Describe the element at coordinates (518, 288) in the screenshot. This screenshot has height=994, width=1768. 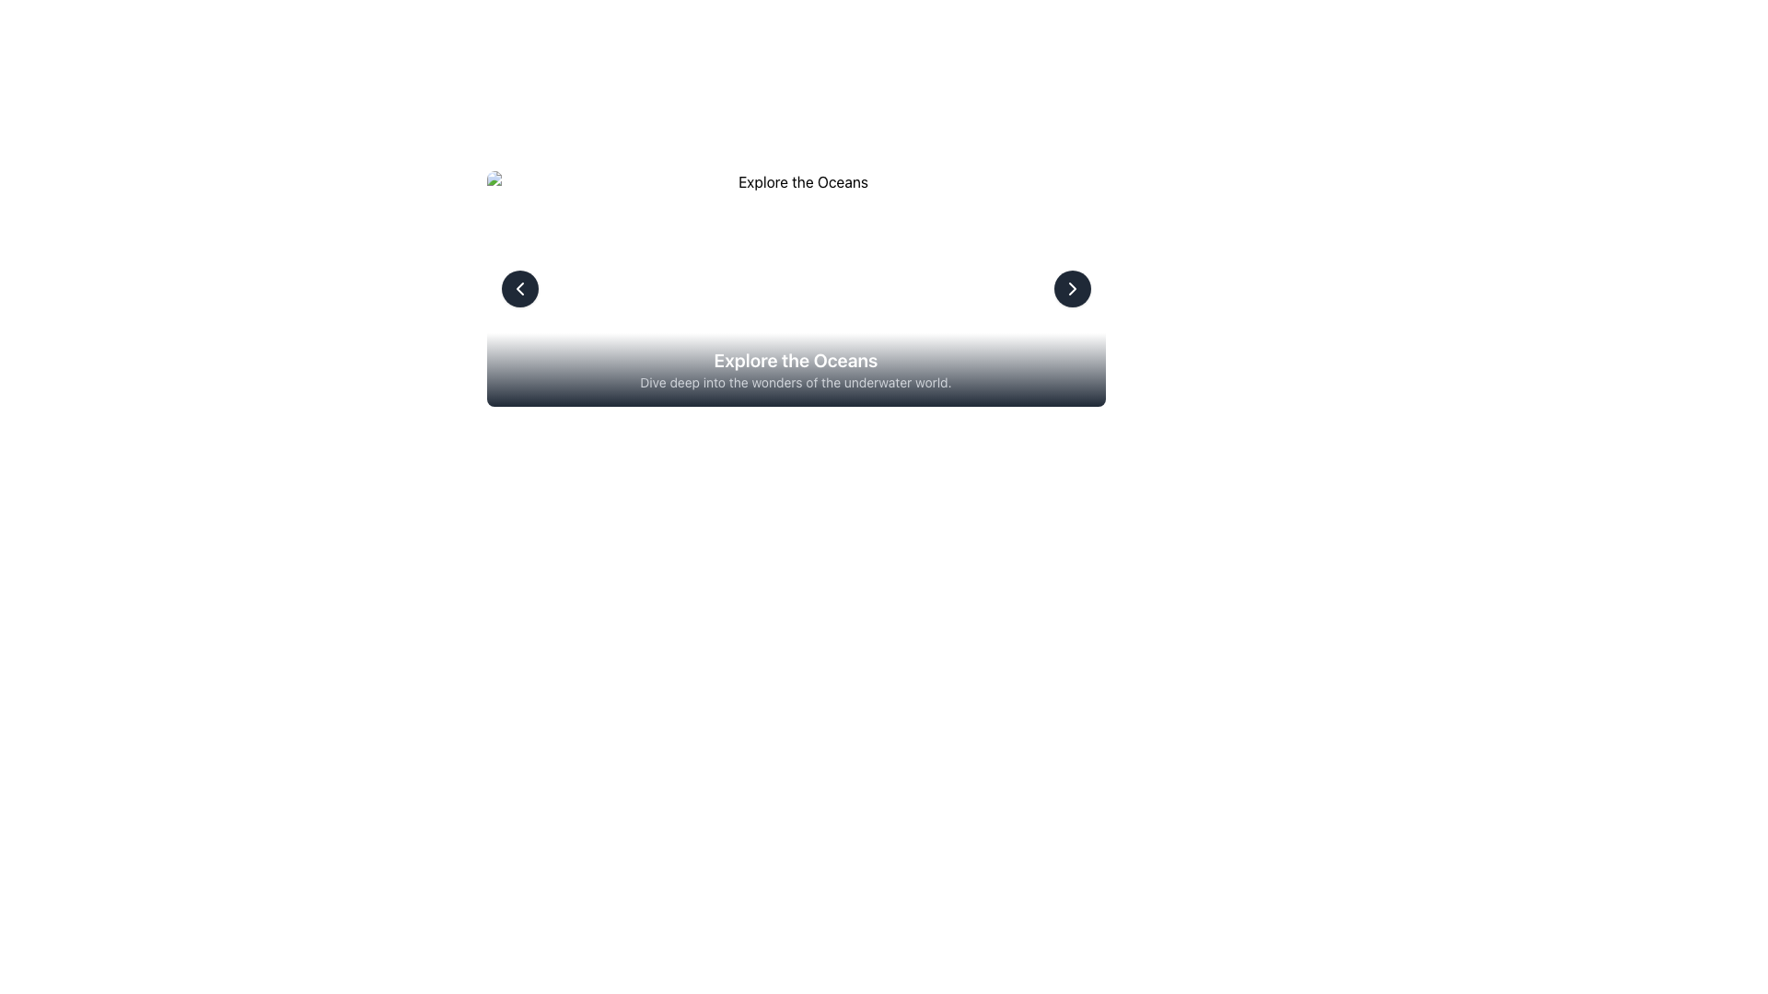
I see `the navigational button that moves to the previous slide, located on the left-middle side of the content area` at that location.